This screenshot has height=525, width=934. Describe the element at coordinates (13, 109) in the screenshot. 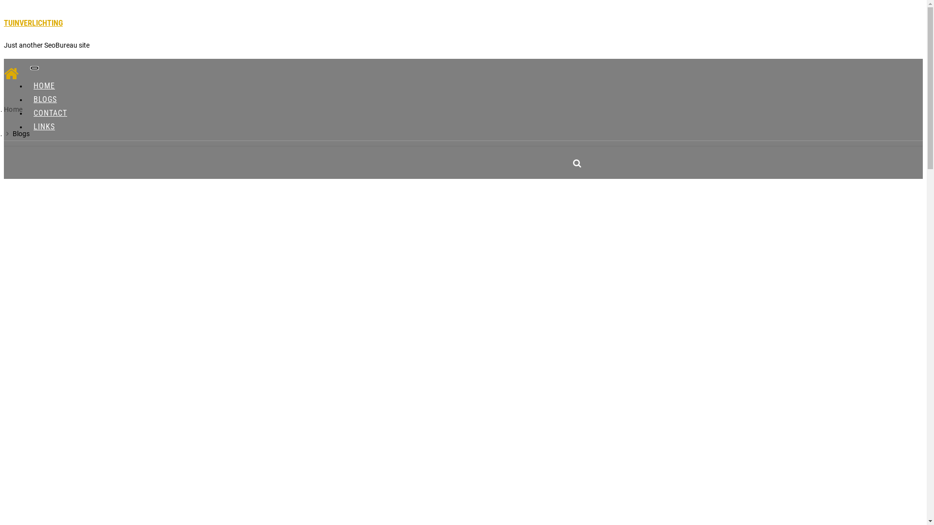

I see `'Home'` at that location.